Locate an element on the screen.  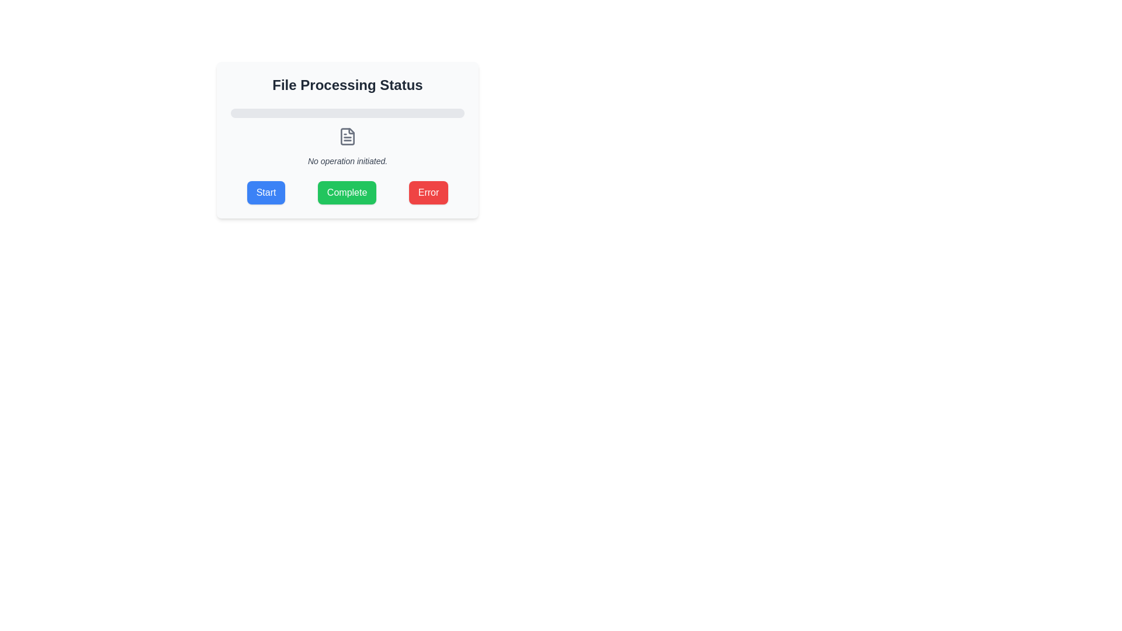
the 'Complete' button, which has a green background and is positioned between the 'Start' button and the 'Error' button at the bottom of the card is located at coordinates (347, 192).